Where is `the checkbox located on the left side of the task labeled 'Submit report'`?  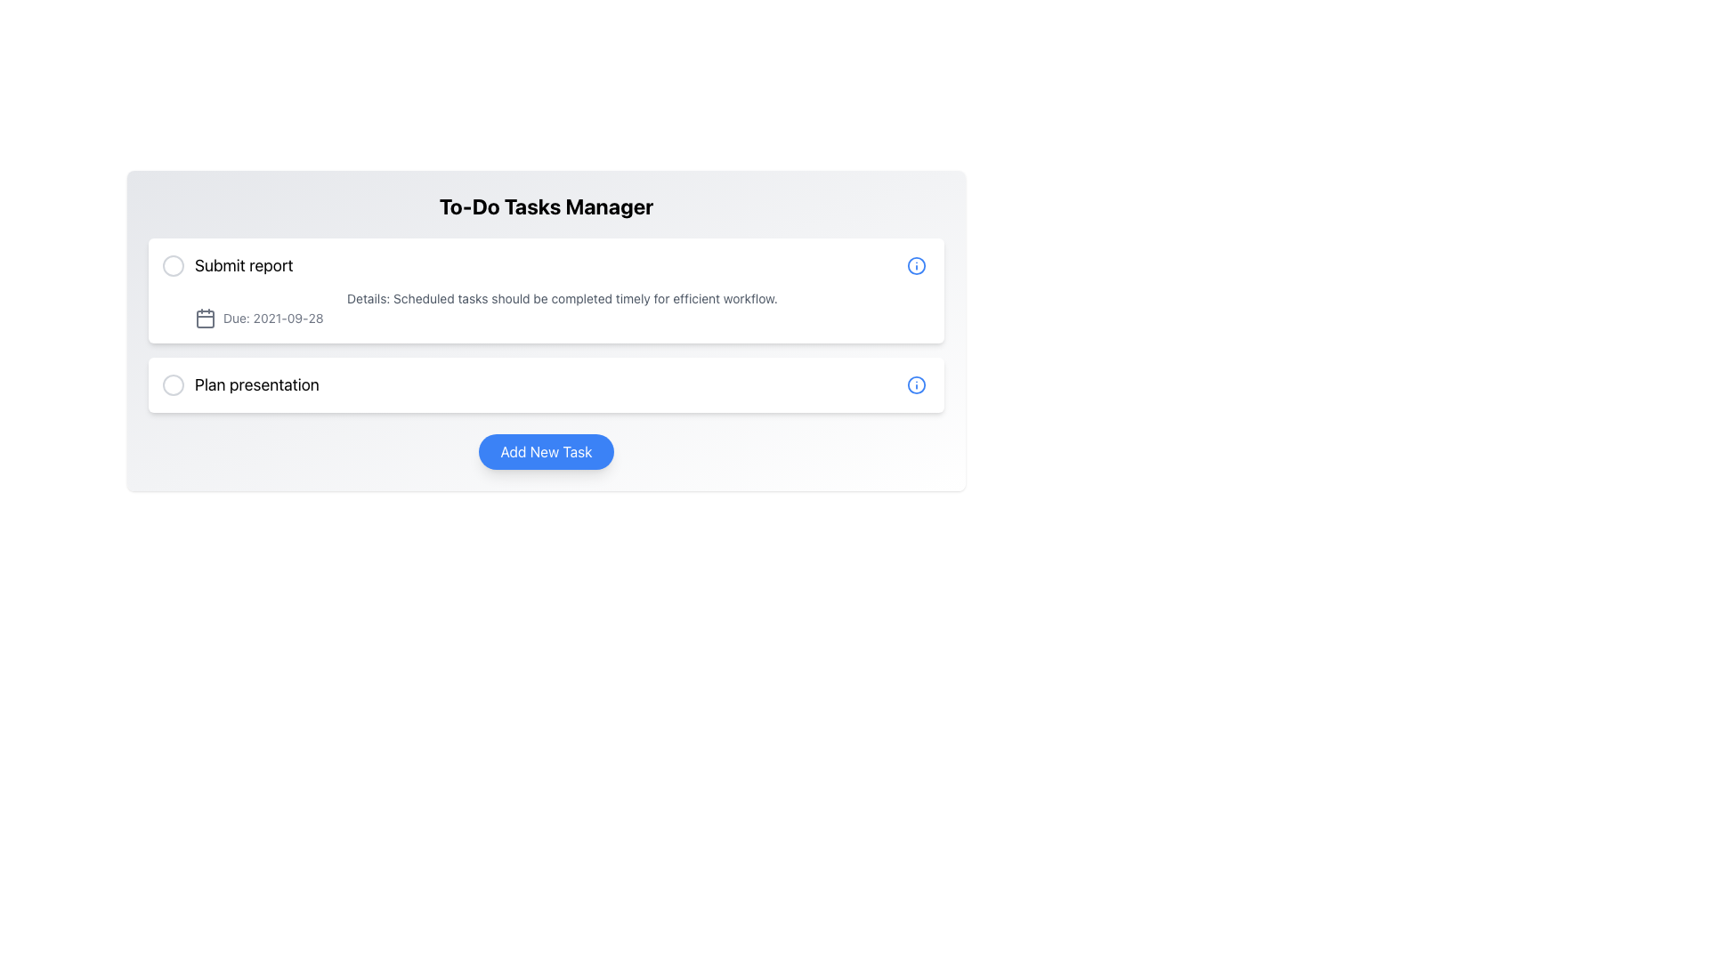
the checkbox located on the left side of the task labeled 'Submit report' is located at coordinates (174, 266).